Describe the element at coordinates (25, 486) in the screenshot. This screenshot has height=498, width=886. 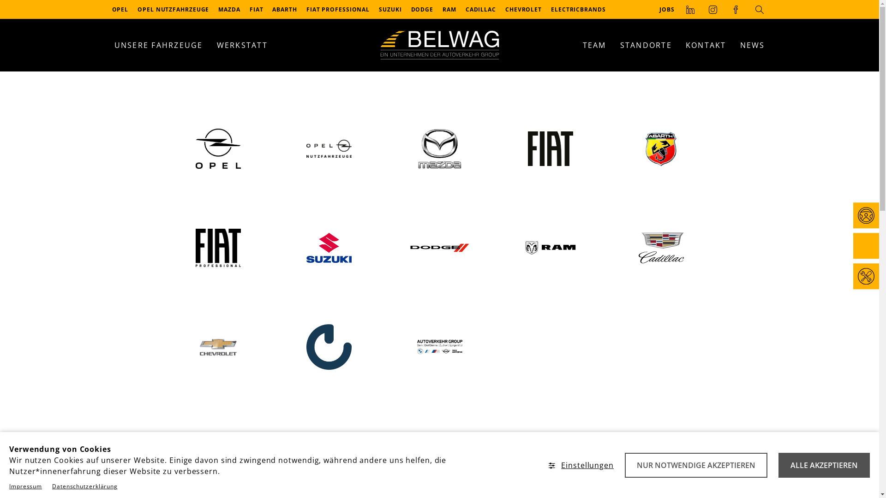
I see `'Impressum'` at that location.